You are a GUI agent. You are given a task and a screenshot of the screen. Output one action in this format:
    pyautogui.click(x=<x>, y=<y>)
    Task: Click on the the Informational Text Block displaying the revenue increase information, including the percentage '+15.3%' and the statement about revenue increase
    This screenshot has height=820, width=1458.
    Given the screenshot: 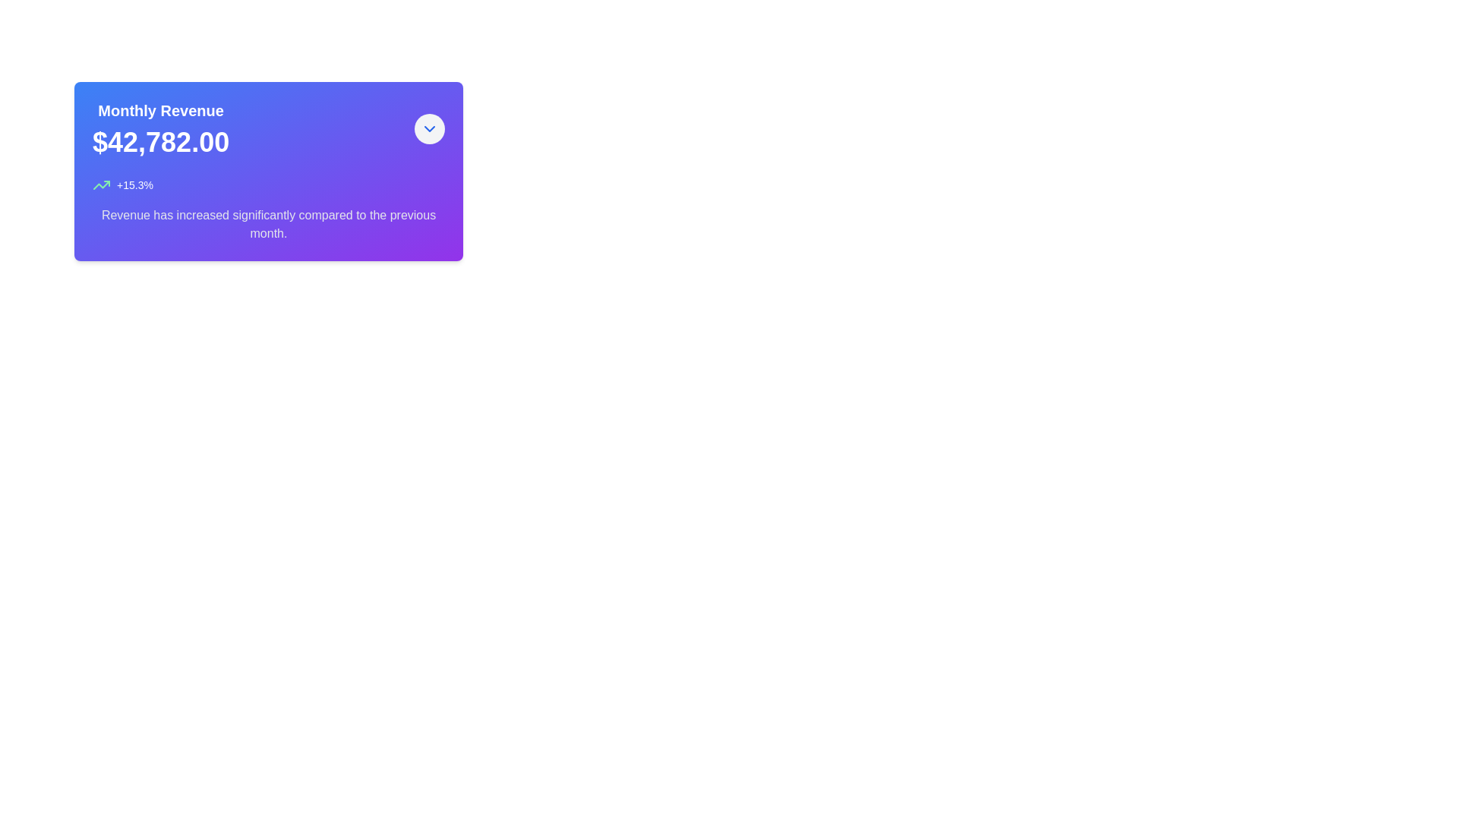 What is the action you would take?
    pyautogui.click(x=269, y=210)
    